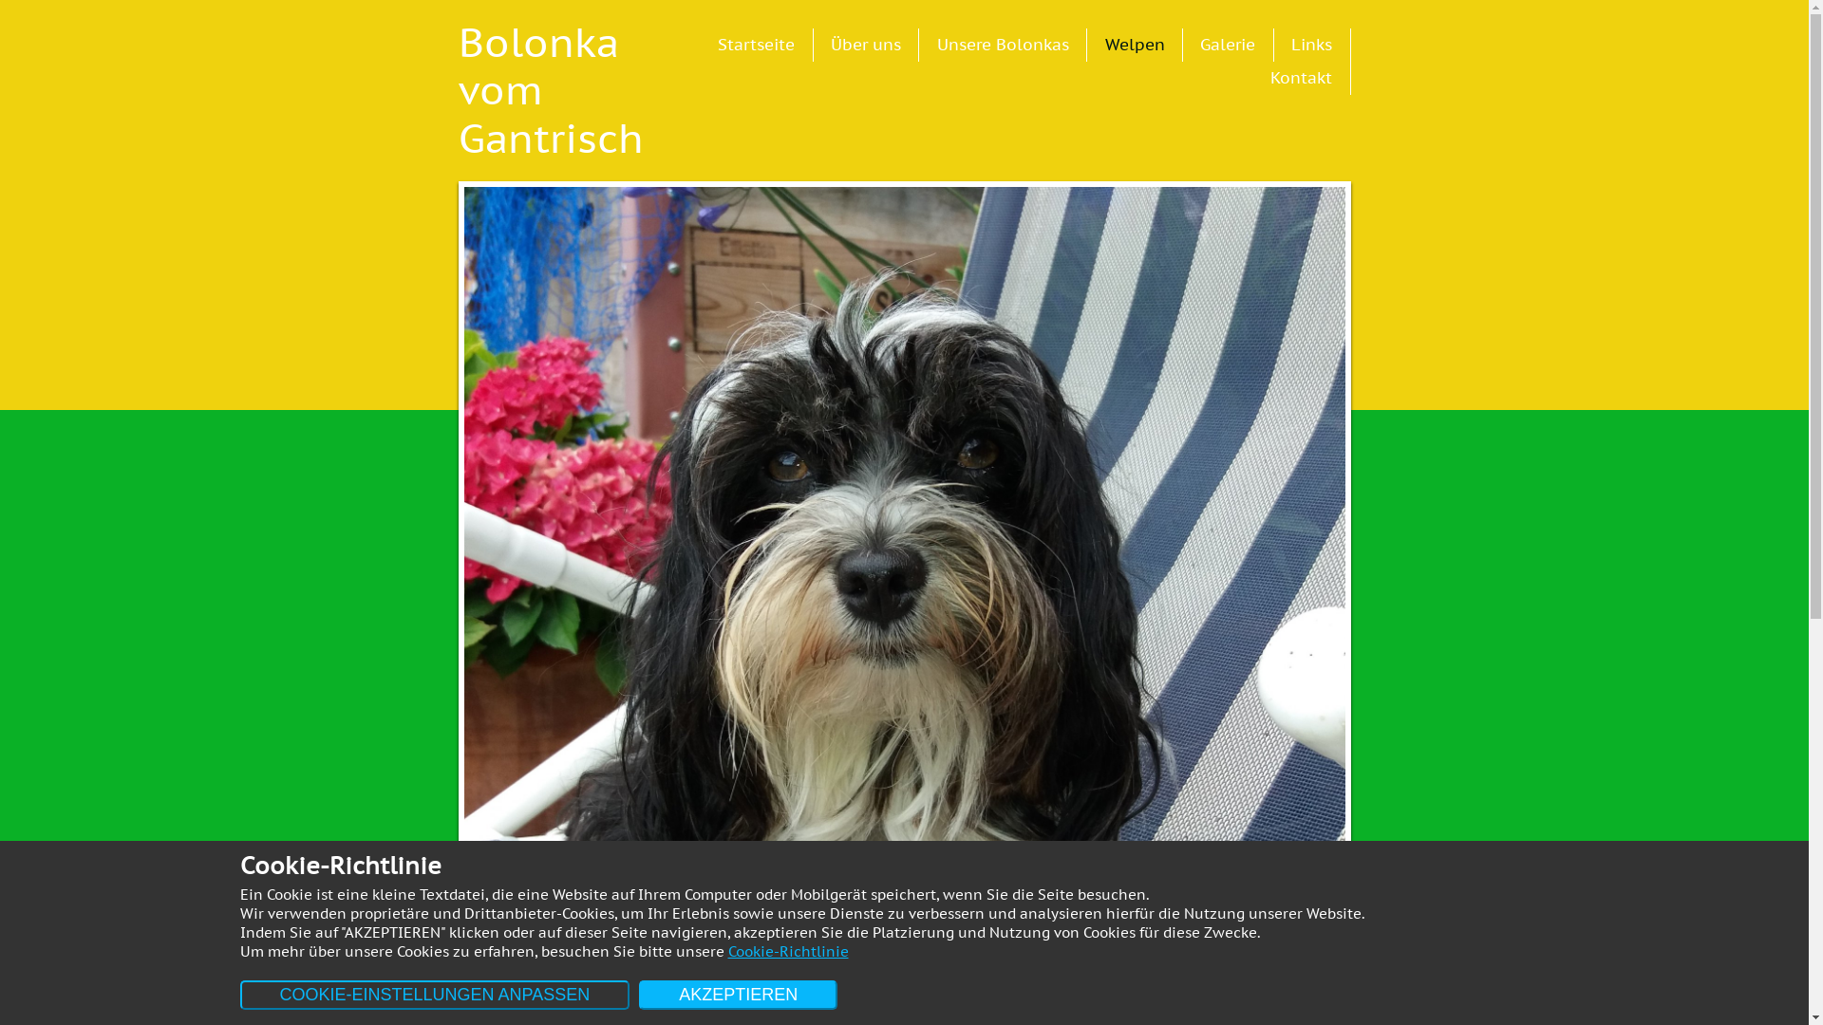 This screenshot has width=1823, height=1025. I want to click on 'Unsere Bolonkas', so click(1002, 43).